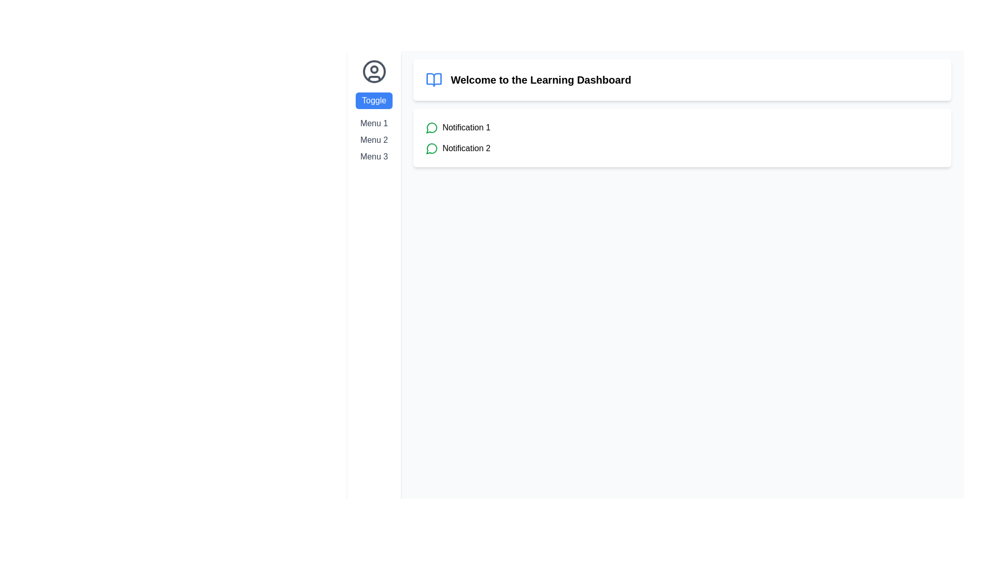 This screenshot has height=561, width=997. Describe the element at coordinates (434, 79) in the screenshot. I see `the open book icon, which is styled in blue and located to the left of the text 'Welcome to the Learning Dashboard' in the header row` at that location.